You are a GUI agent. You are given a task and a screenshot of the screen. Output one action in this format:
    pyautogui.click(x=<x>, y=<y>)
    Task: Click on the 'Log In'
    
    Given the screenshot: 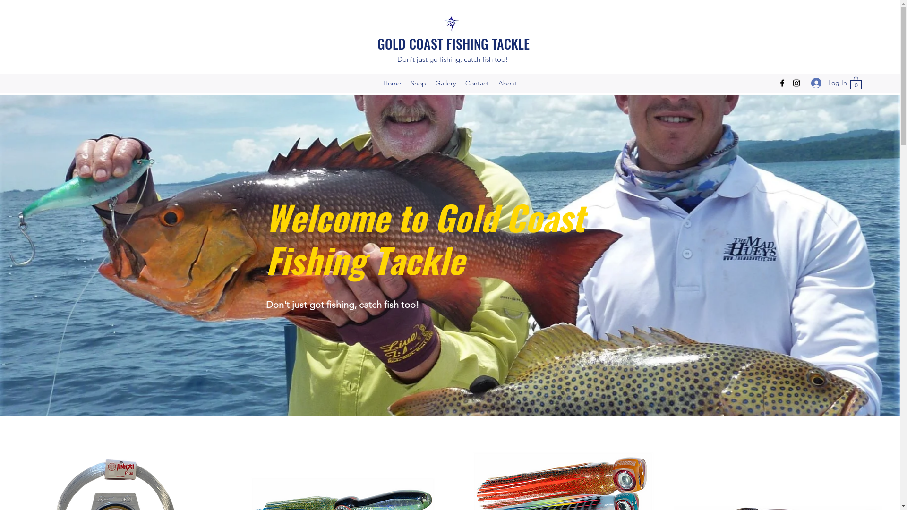 What is the action you would take?
    pyautogui.click(x=825, y=82)
    